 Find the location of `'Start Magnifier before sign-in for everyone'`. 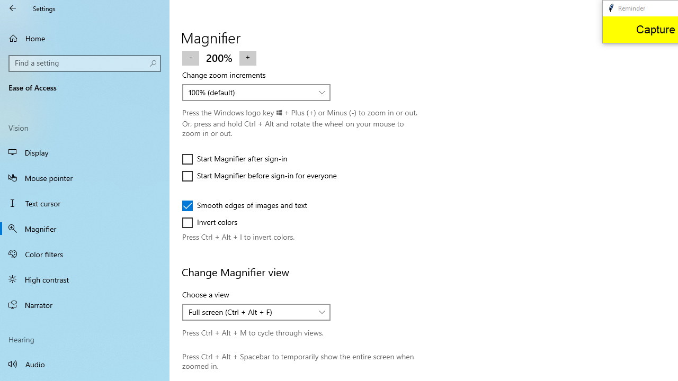

'Start Magnifier before sign-in for everyone' is located at coordinates (260, 176).